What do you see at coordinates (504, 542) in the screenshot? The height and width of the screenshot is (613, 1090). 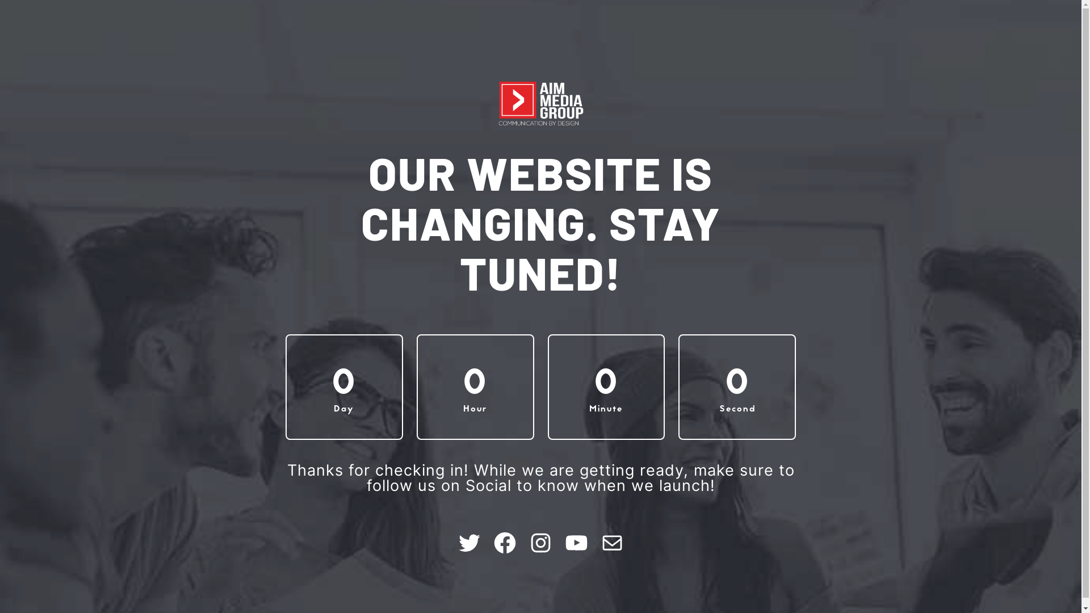 I see `'Facebook'` at bounding box center [504, 542].